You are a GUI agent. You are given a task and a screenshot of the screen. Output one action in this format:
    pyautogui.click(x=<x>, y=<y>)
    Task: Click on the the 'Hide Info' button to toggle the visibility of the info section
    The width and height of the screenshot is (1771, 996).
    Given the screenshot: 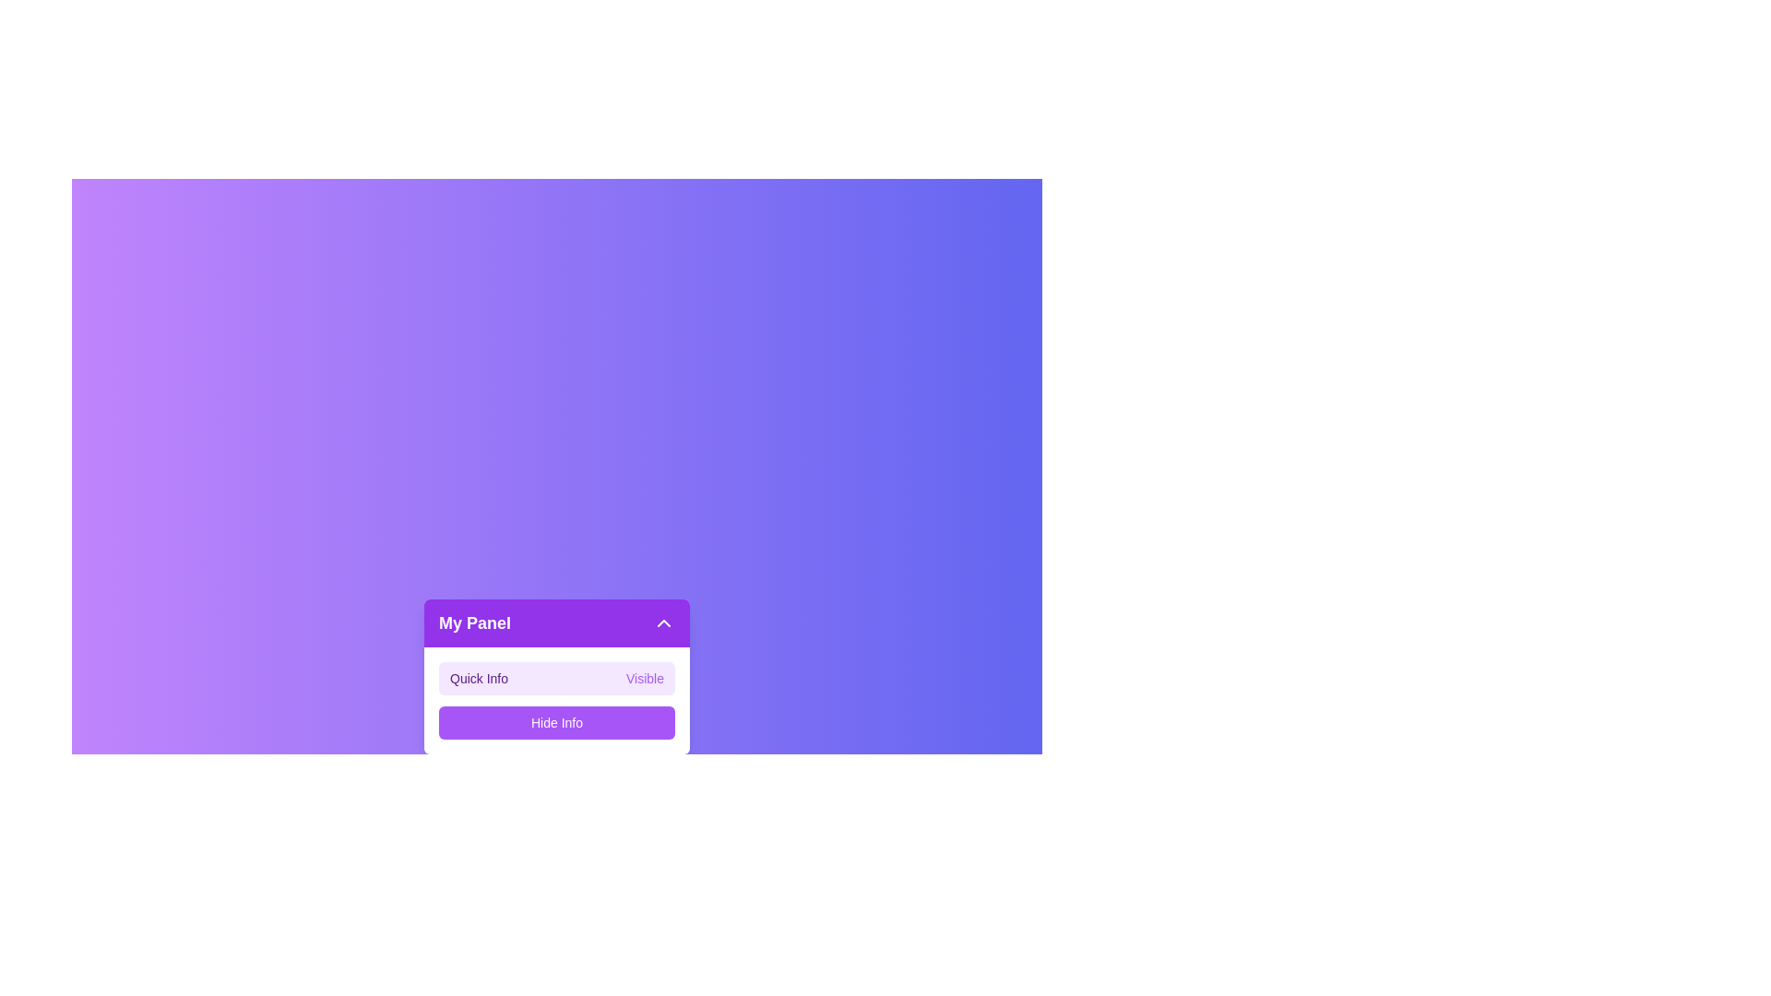 What is the action you would take?
    pyautogui.click(x=556, y=721)
    